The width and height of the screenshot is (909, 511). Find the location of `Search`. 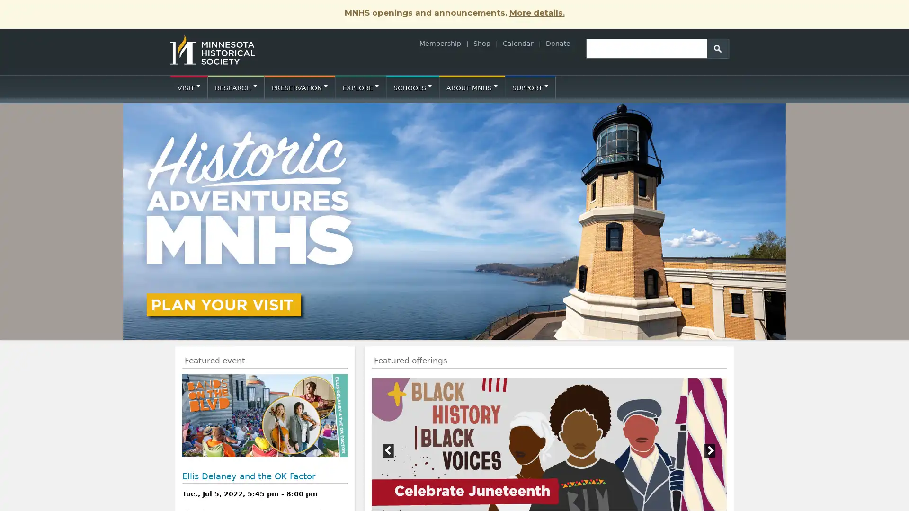

Search is located at coordinates (718, 48).